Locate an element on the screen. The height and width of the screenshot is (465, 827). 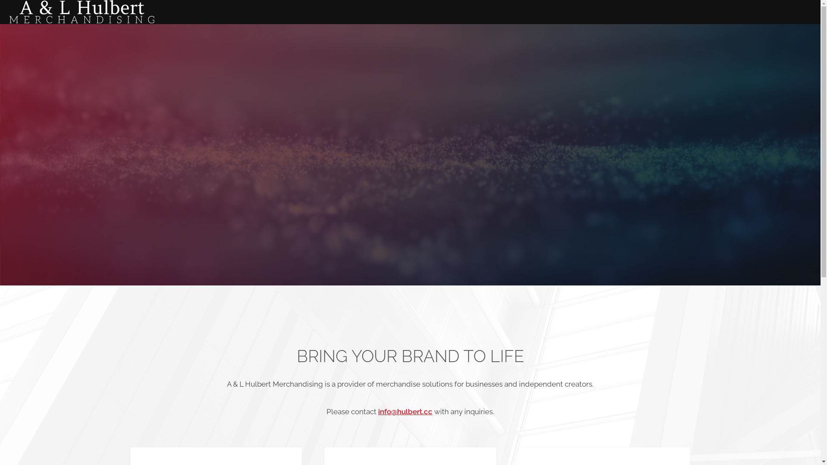
'info@hulbert.cc' is located at coordinates (378, 411).